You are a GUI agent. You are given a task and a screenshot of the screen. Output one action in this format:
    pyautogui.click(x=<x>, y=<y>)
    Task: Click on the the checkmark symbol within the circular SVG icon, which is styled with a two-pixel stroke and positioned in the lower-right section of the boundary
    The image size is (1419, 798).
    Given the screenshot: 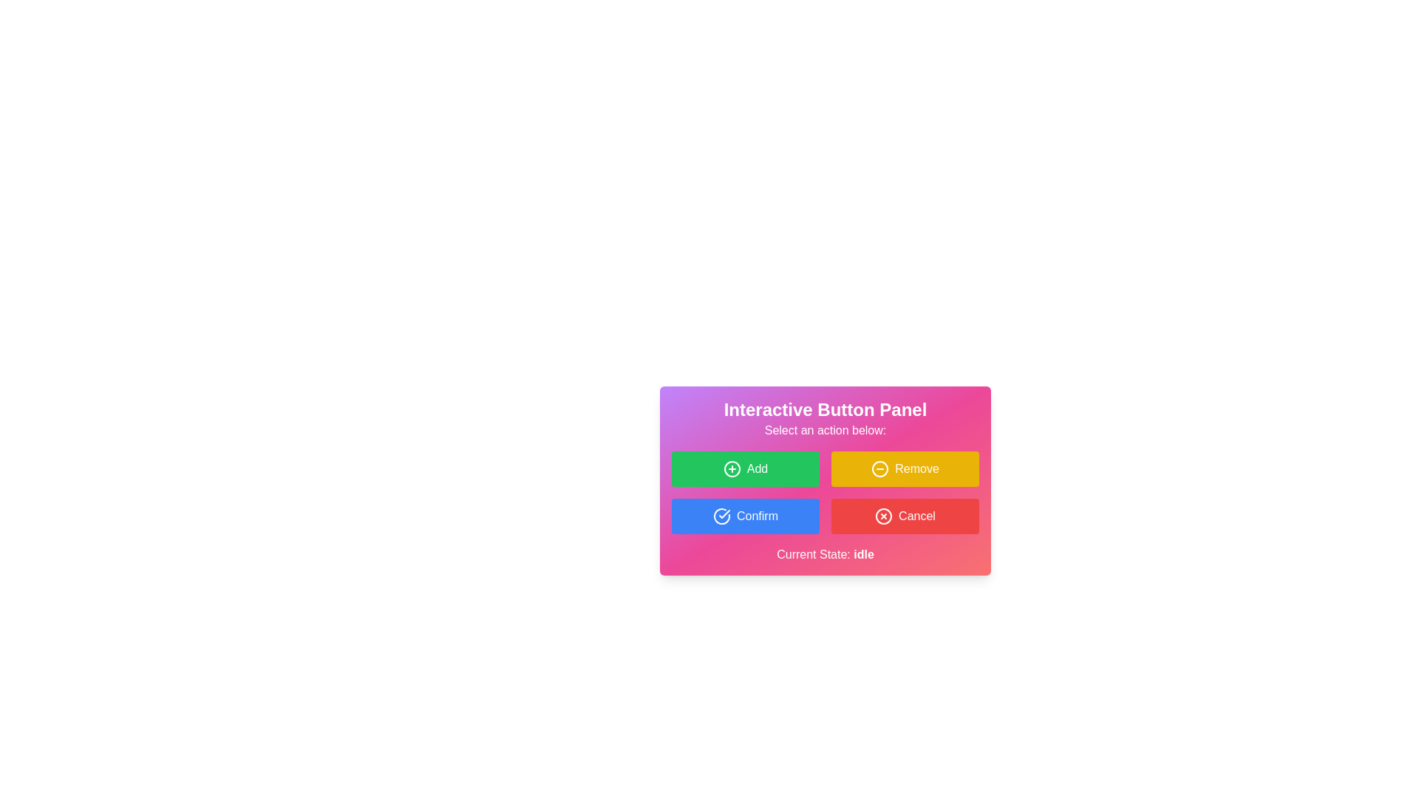 What is the action you would take?
    pyautogui.click(x=724, y=513)
    